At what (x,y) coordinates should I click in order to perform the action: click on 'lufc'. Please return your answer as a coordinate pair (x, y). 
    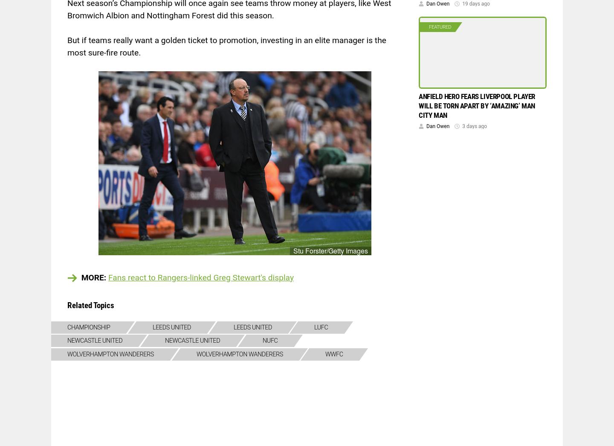
    Looking at the image, I should click on (320, 327).